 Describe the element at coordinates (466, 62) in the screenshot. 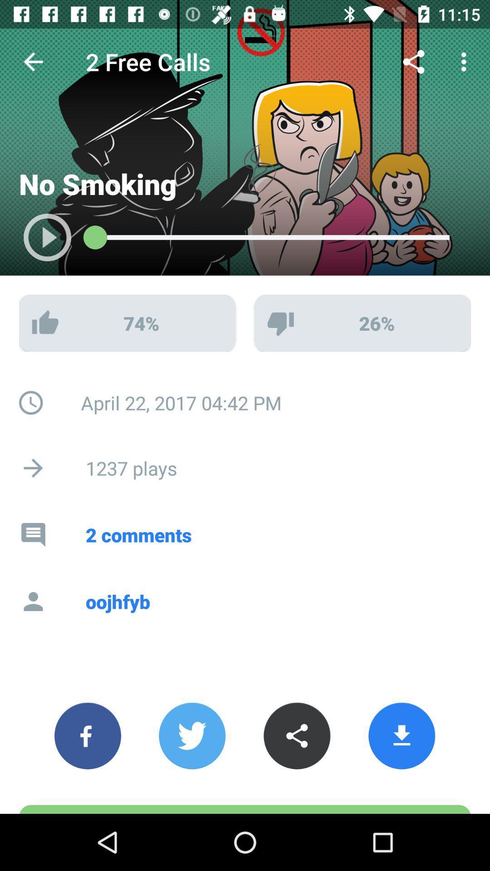

I see `the customize and control icon` at that location.